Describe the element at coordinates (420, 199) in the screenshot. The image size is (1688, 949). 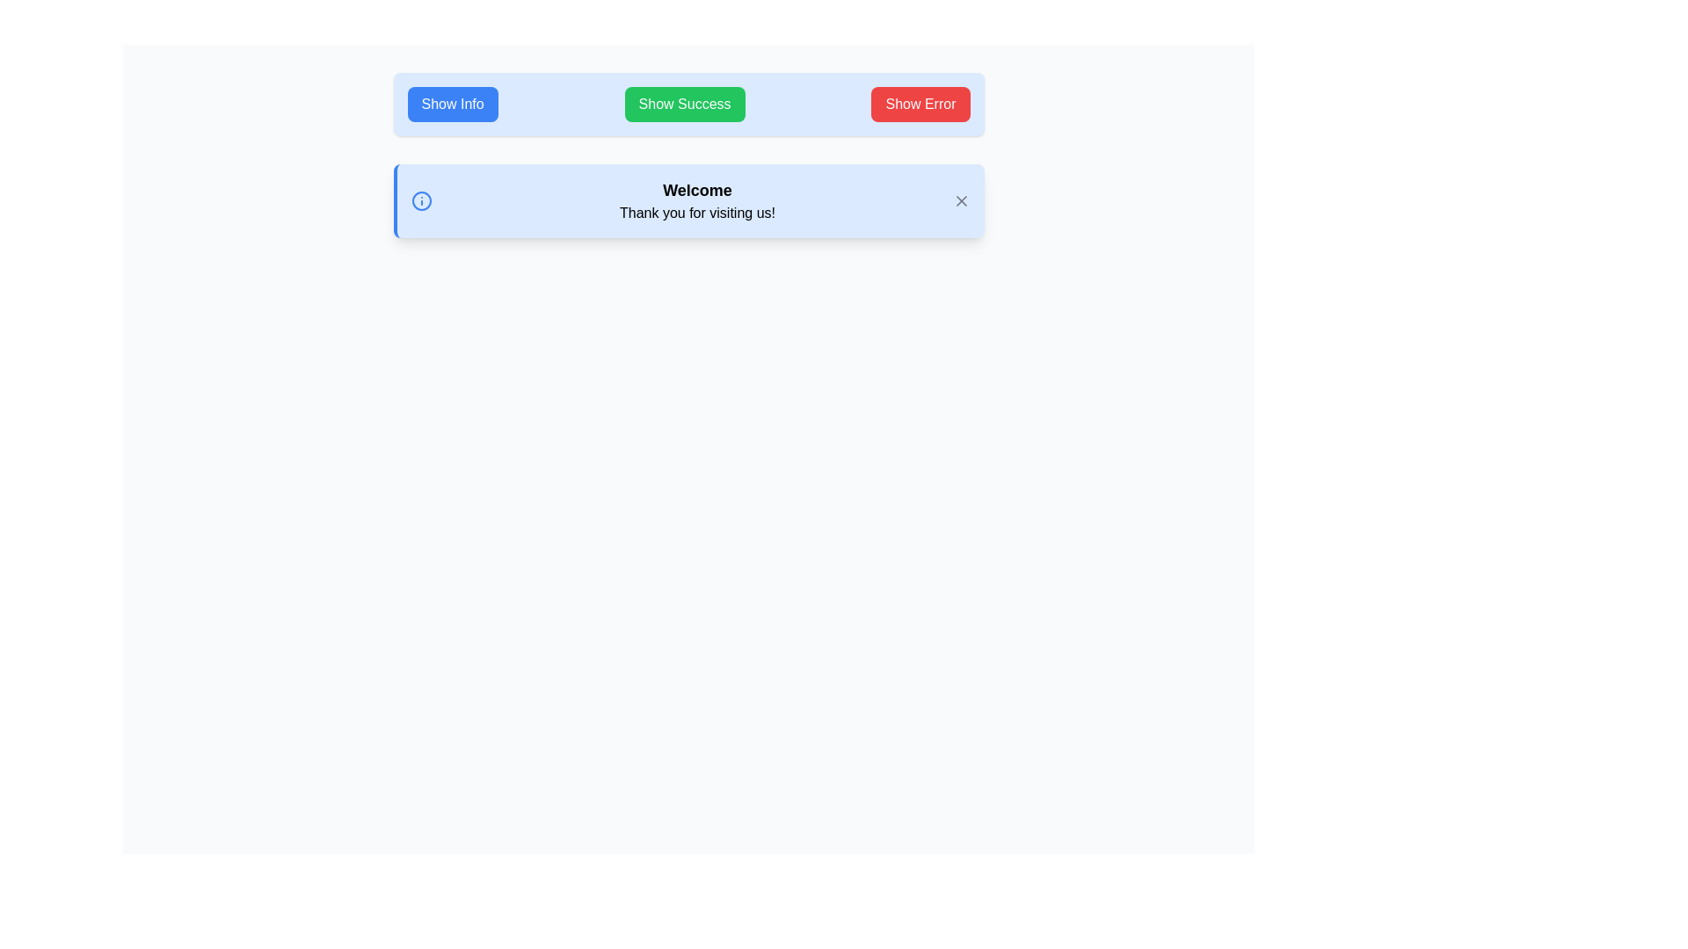
I see `the circular part of the information icon located to the left of the 'Welcome' text in the notification box` at that location.